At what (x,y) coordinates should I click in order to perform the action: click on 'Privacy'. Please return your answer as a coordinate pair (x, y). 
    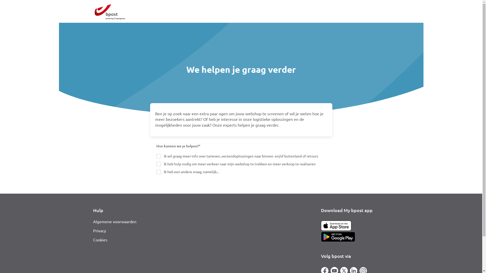
    Looking at the image, I should click on (93, 230).